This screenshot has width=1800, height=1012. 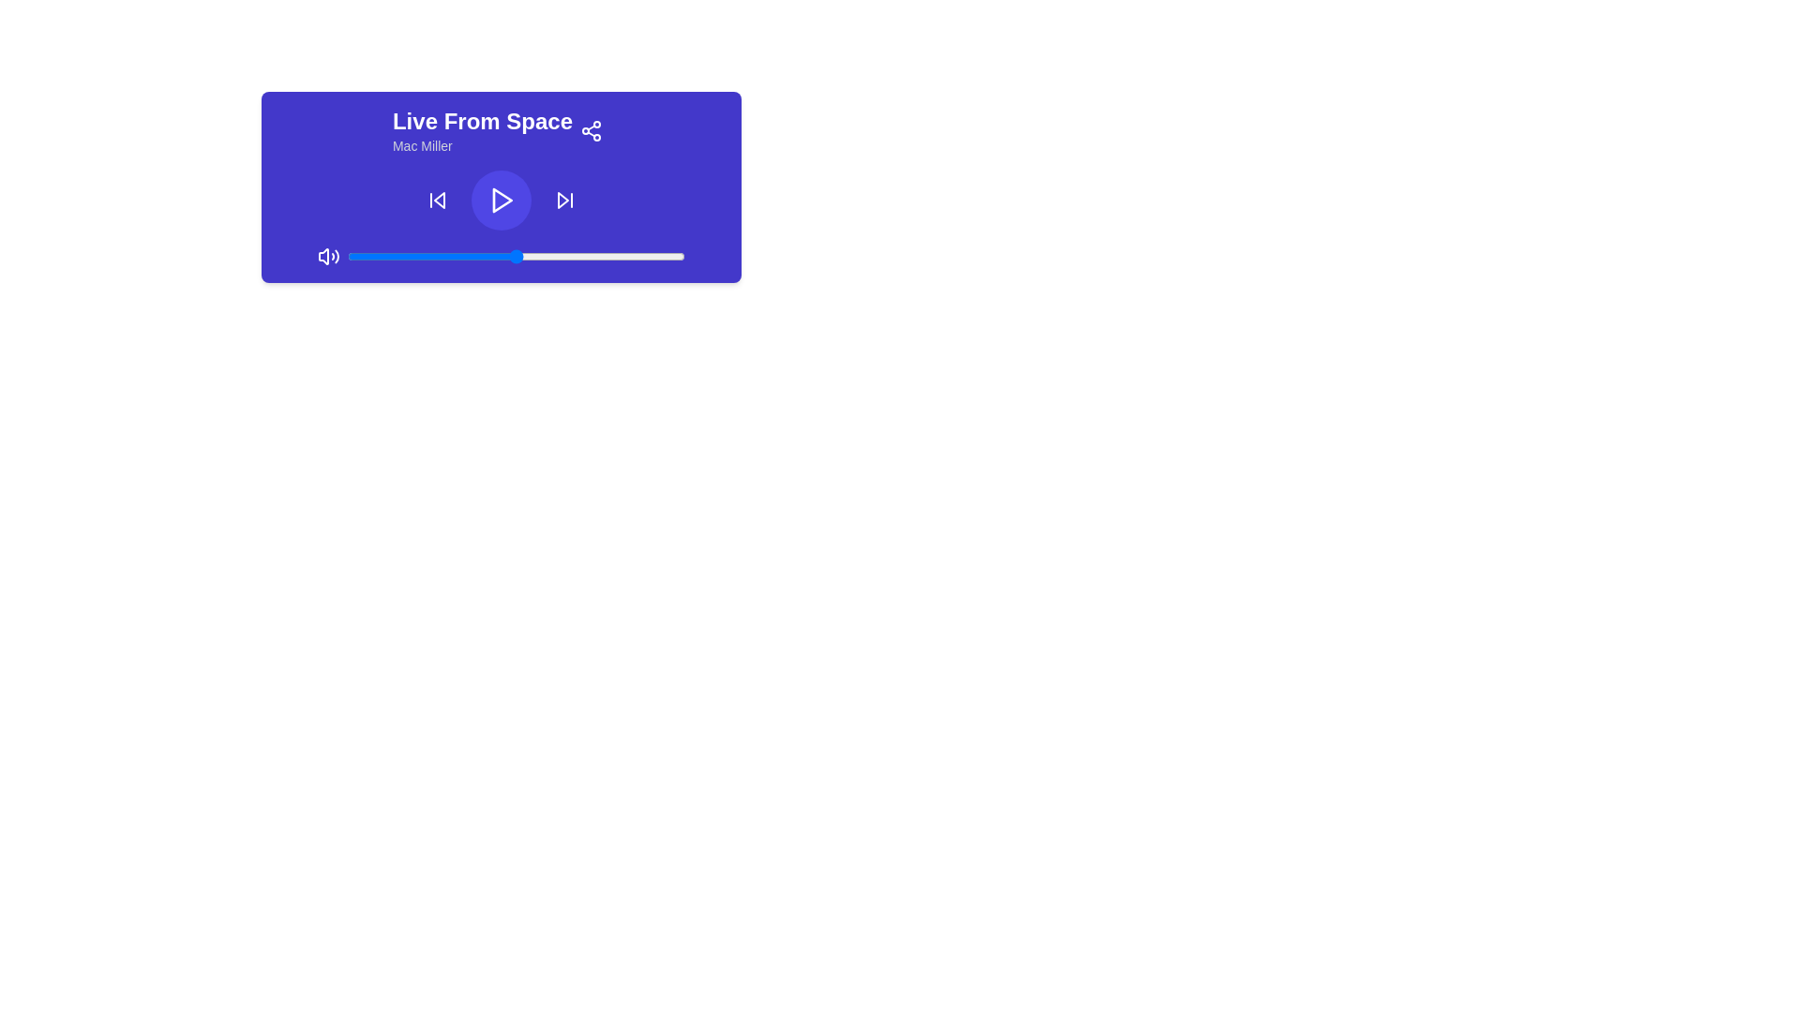 I want to click on the 'Next' button, which is the rightmost icon in the playback controls of the player interface, so click(x=564, y=200).